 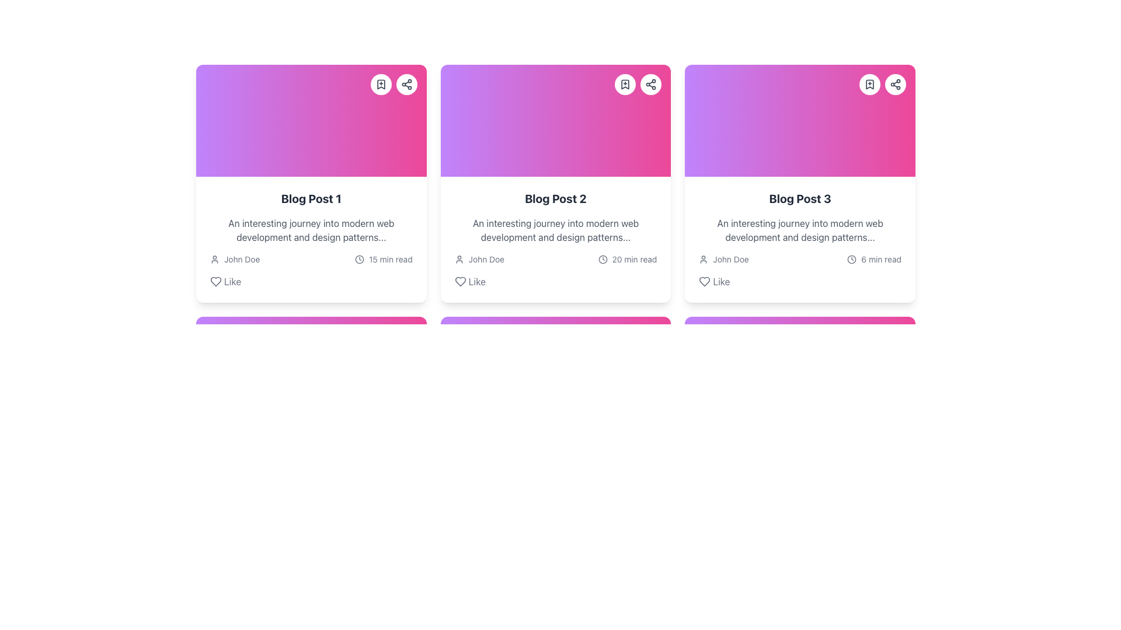 I want to click on the author details icon-text component located at the bottom area of the third card, directly underneath the description text, so click(x=723, y=258).